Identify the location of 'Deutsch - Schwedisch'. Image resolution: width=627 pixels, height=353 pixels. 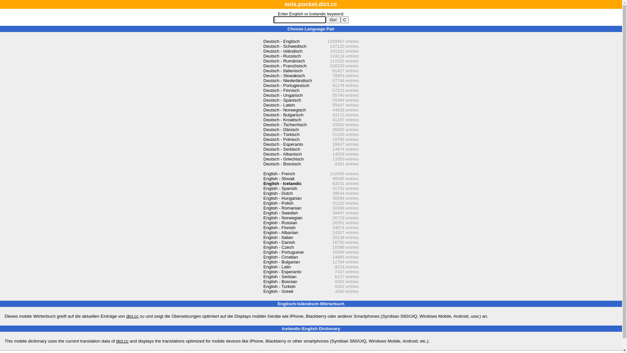
(285, 46).